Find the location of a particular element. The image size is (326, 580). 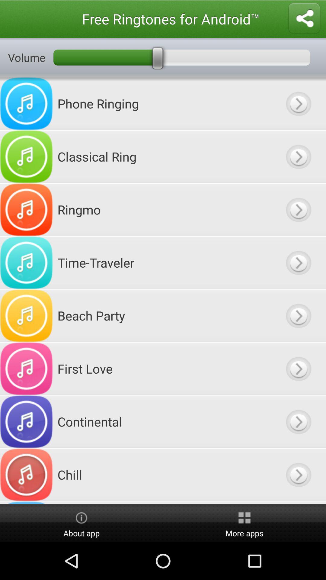

open 'first love ringtone type is located at coordinates (298, 368).